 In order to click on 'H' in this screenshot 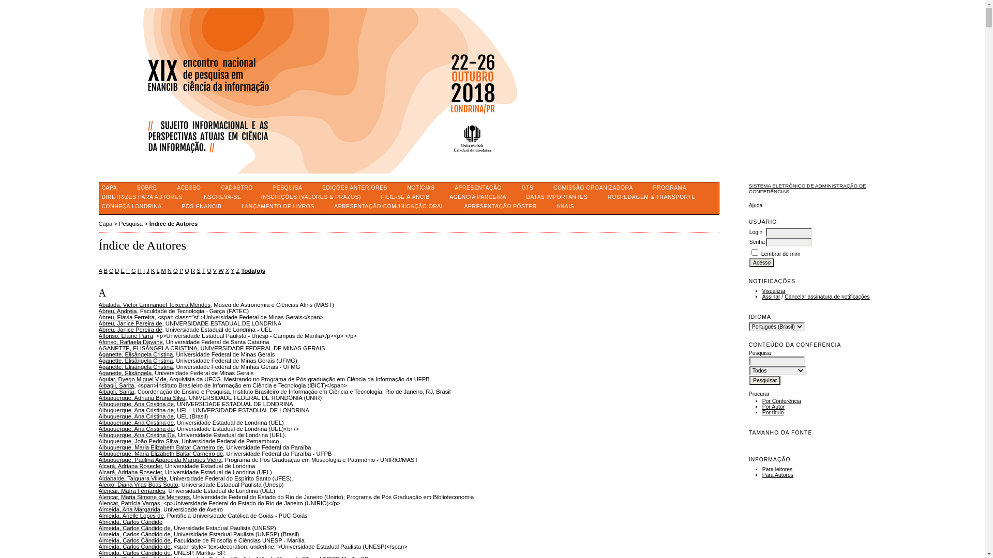, I will do `click(139, 270)`.